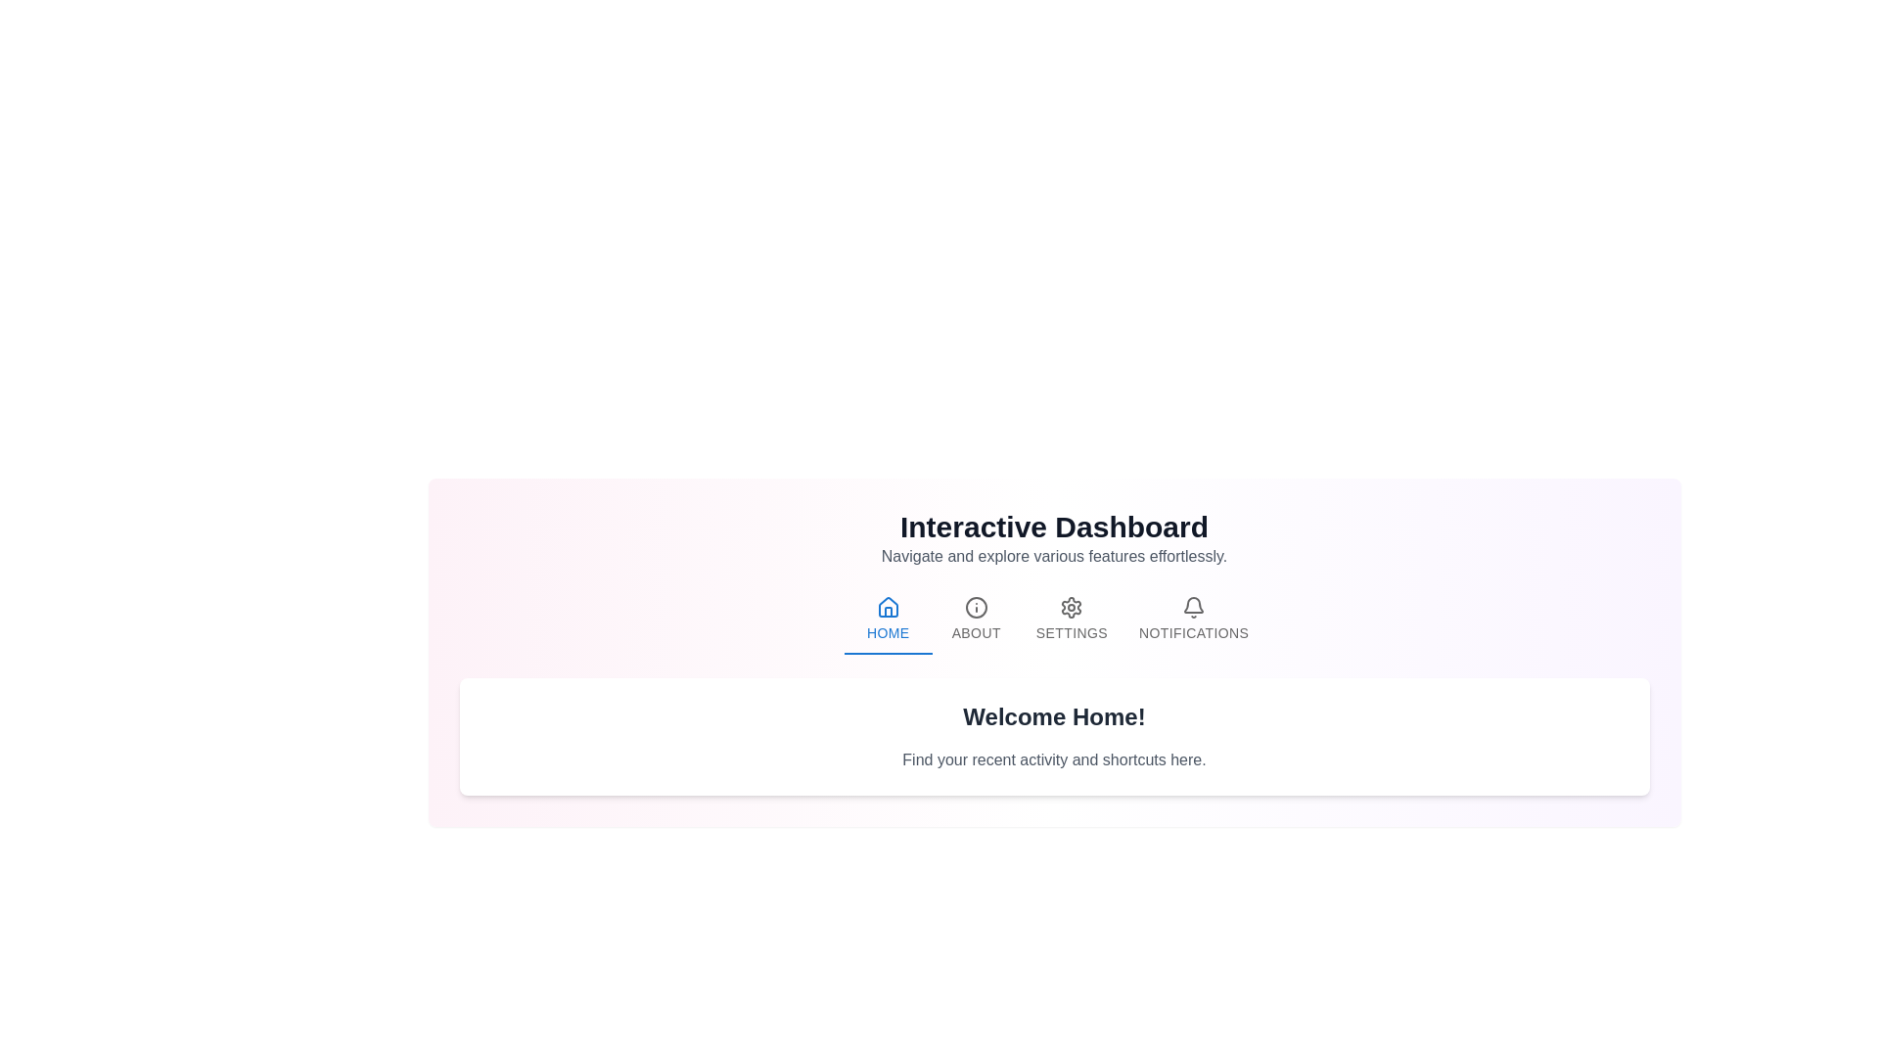 This screenshot has height=1057, width=1879. I want to click on the guidance text element located below 'Welcome Home!' in the interactive dashboard header, so click(1053, 758).